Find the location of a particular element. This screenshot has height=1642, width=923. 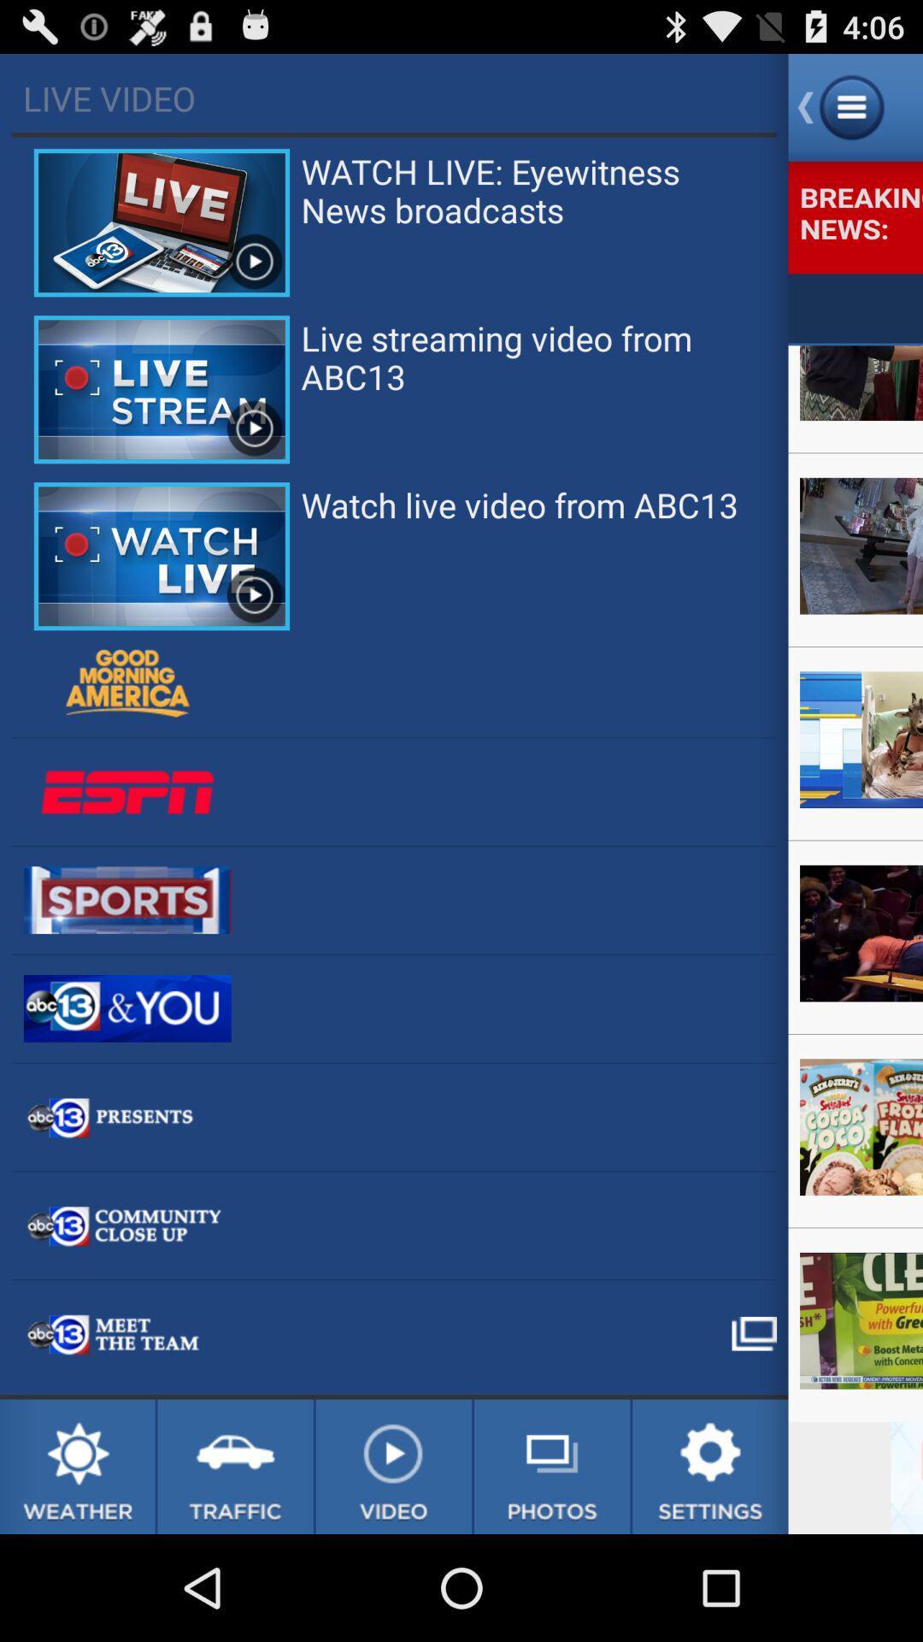

traffic page is located at coordinates (235, 1466).